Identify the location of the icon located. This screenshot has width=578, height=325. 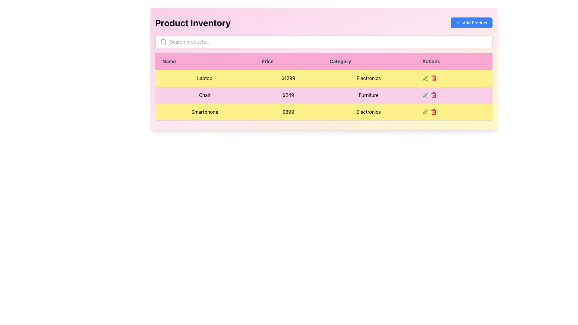
(458, 23).